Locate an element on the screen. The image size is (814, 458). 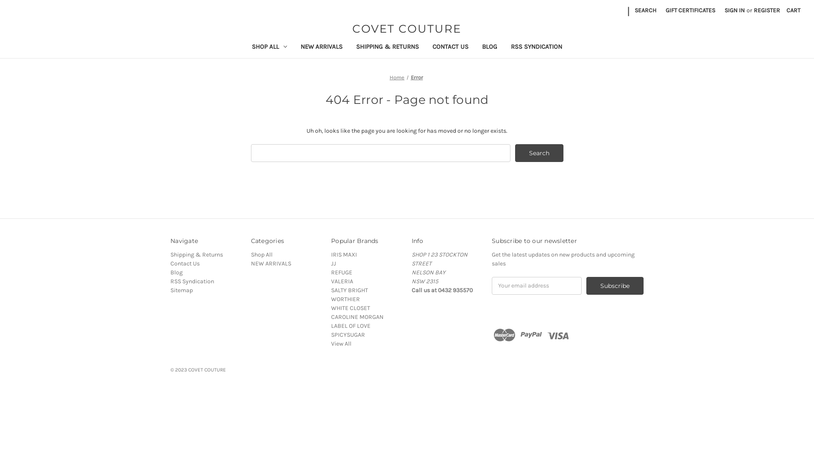
'GIFT CERTIFICATES' is located at coordinates (661, 10).